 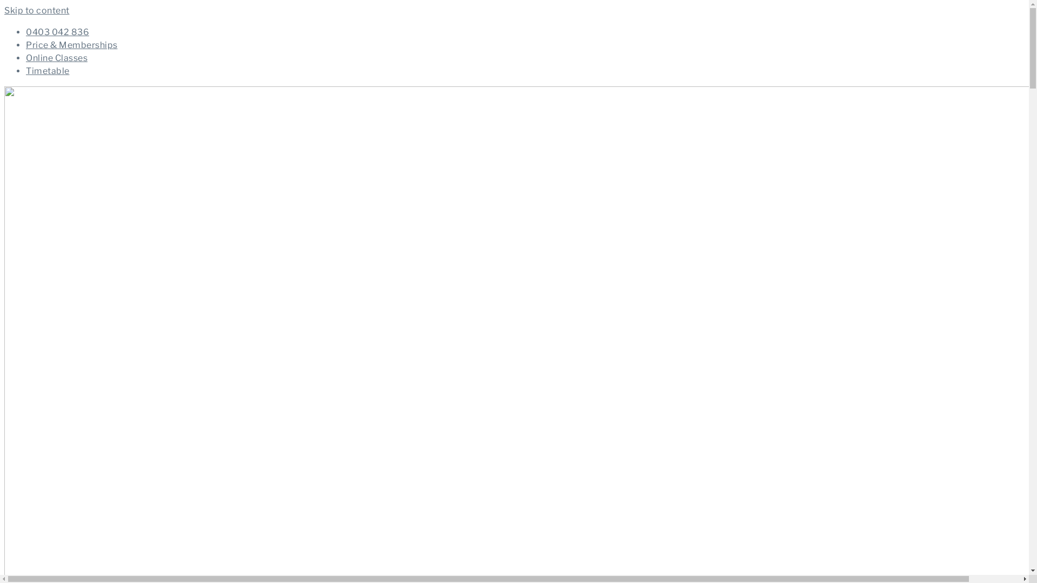 What do you see at coordinates (47, 71) in the screenshot?
I see `'Timetable'` at bounding box center [47, 71].